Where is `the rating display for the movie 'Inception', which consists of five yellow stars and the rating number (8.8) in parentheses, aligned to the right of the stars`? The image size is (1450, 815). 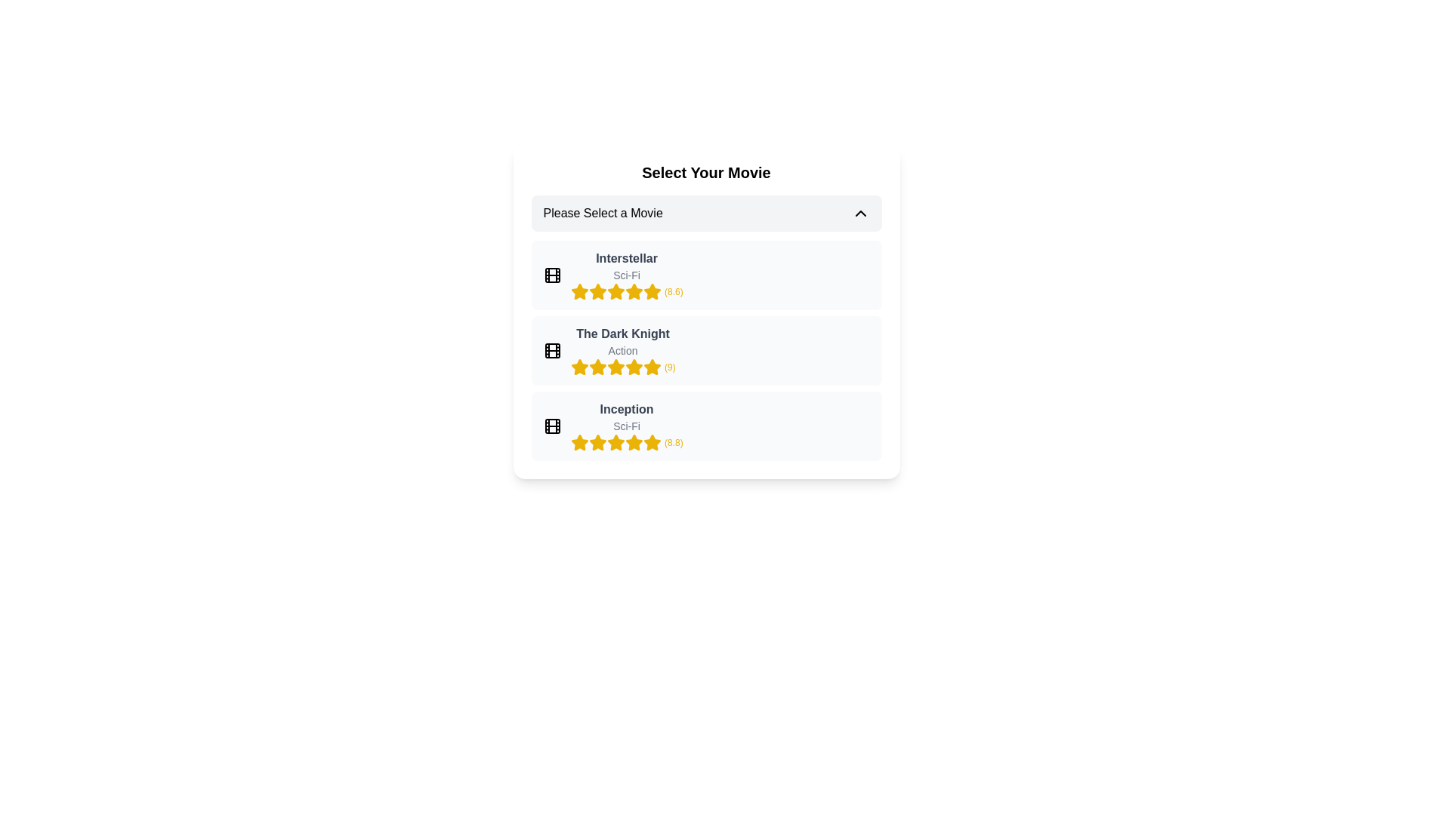 the rating display for the movie 'Inception', which consists of five yellow stars and the rating number (8.8) in parentheses, aligned to the right of the stars is located at coordinates (627, 441).